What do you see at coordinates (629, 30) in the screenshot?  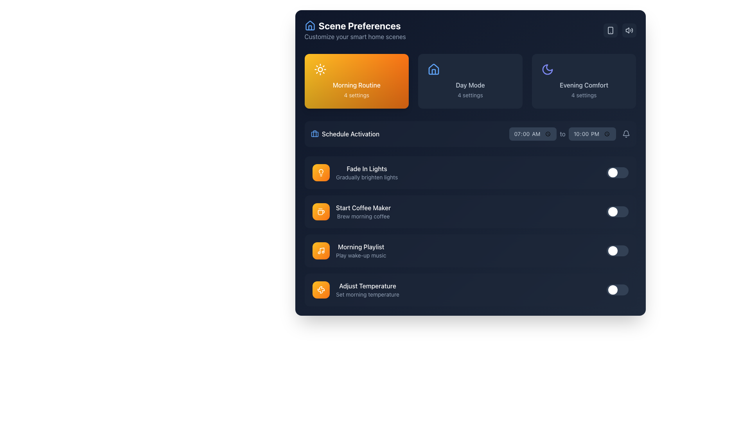 I see `the icon button depicting a speaker emitting sound waves located in the top-right corner of the interface` at bounding box center [629, 30].